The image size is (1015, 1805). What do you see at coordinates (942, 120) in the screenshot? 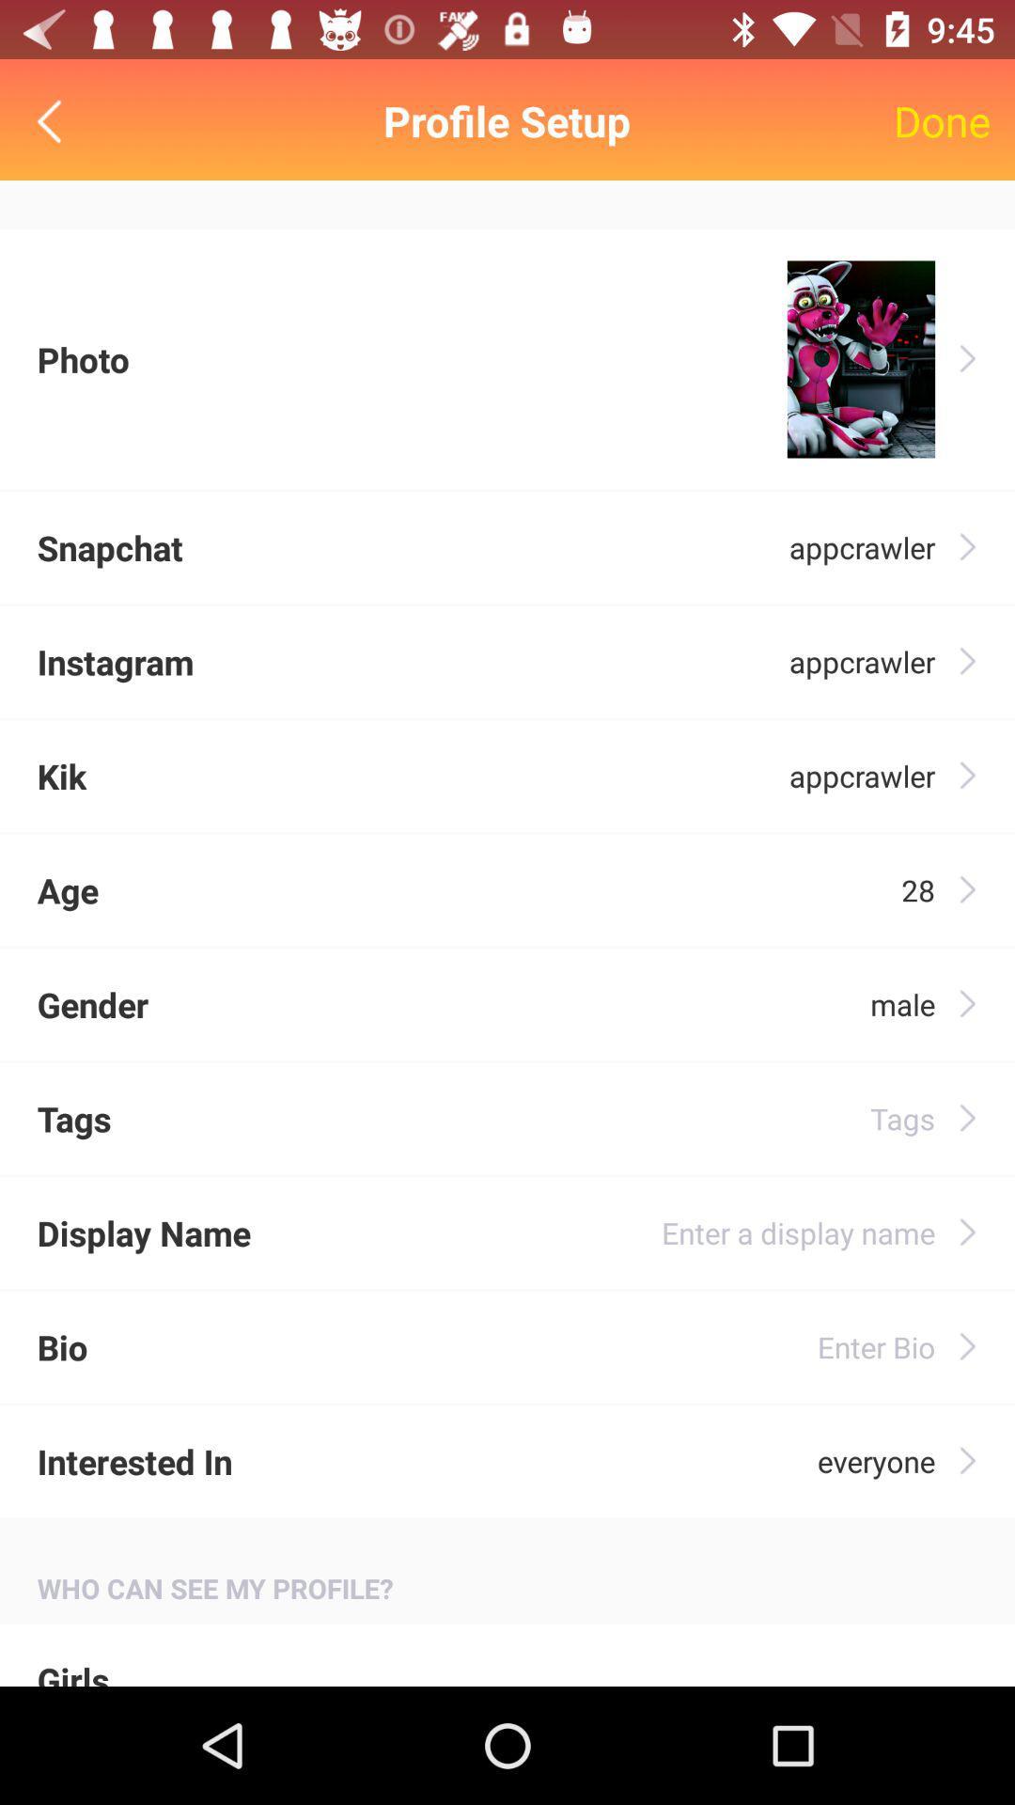
I see `the item to the right of profile setup` at bounding box center [942, 120].